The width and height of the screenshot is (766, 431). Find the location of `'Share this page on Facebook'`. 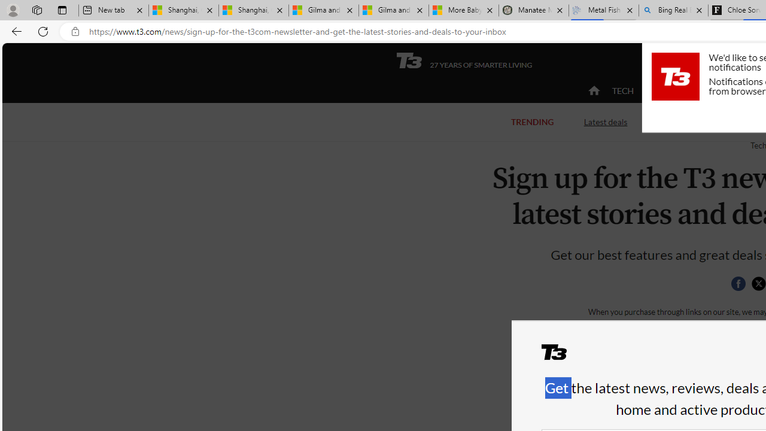

'Share this page on Facebook' is located at coordinates (737, 284).